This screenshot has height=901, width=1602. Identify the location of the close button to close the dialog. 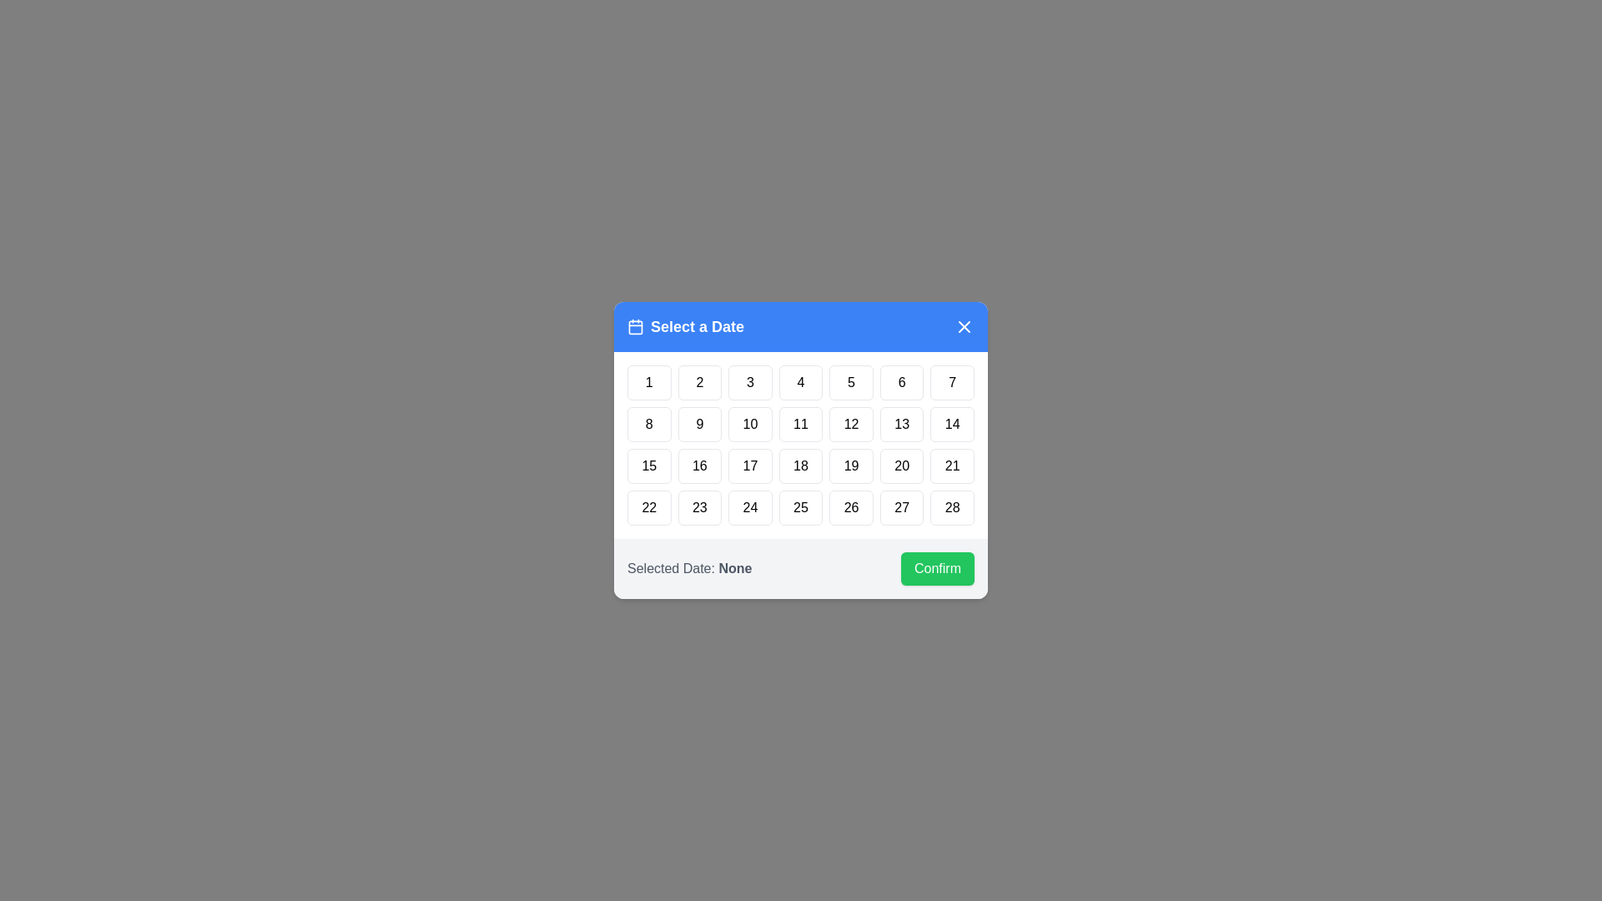
(965, 327).